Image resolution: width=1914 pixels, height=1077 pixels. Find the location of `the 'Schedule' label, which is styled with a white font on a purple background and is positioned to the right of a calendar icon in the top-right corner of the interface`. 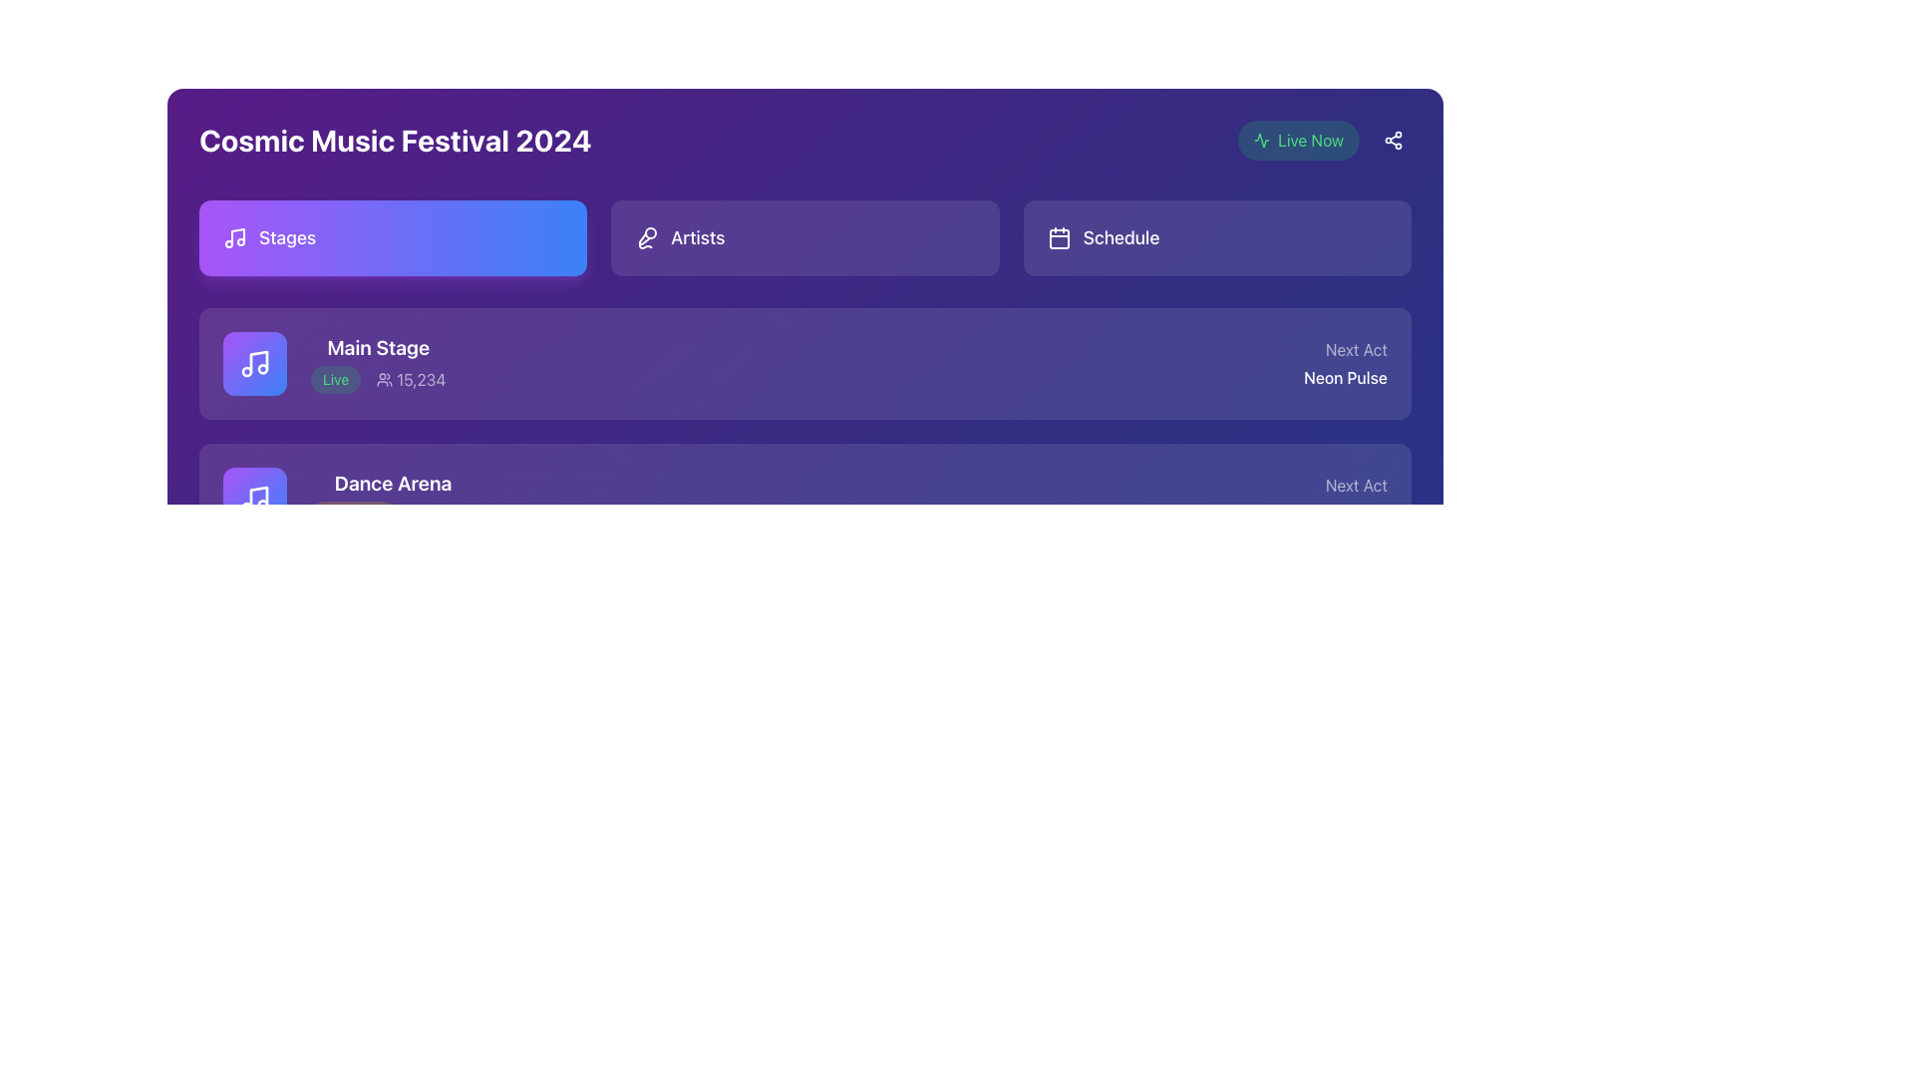

the 'Schedule' label, which is styled with a white font on a purple background and is positioned to the right of a calendar icon in the top-right corner of the interface is located at coordinates (1120, 237).